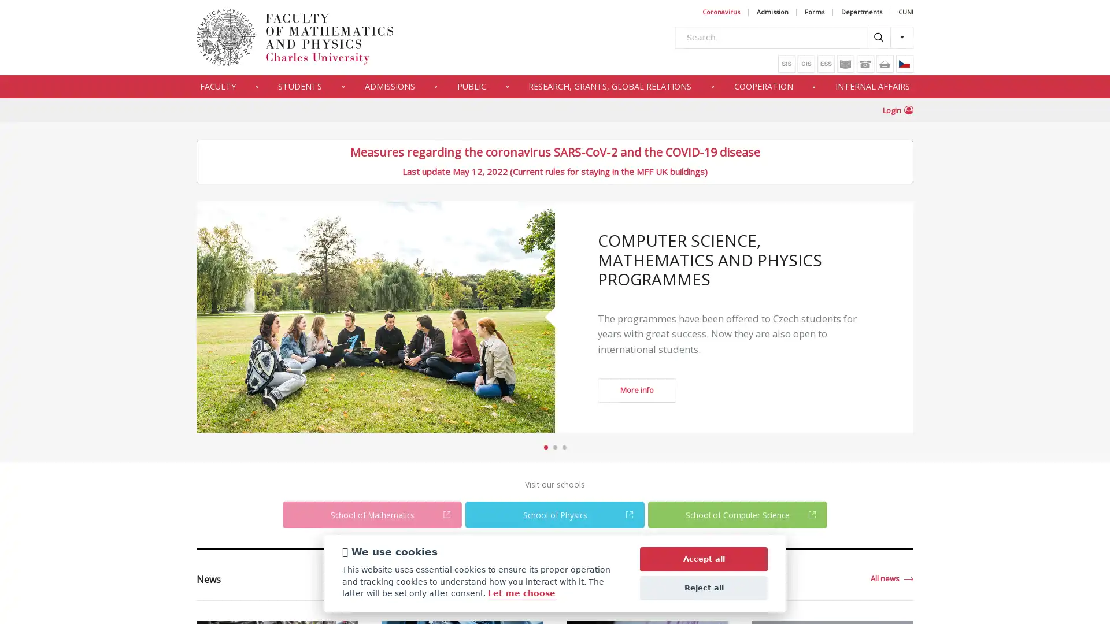  What do you see at coordinates (703, 588) in the screenshot?
I see `Reject all` at bounding box center [703, 588].